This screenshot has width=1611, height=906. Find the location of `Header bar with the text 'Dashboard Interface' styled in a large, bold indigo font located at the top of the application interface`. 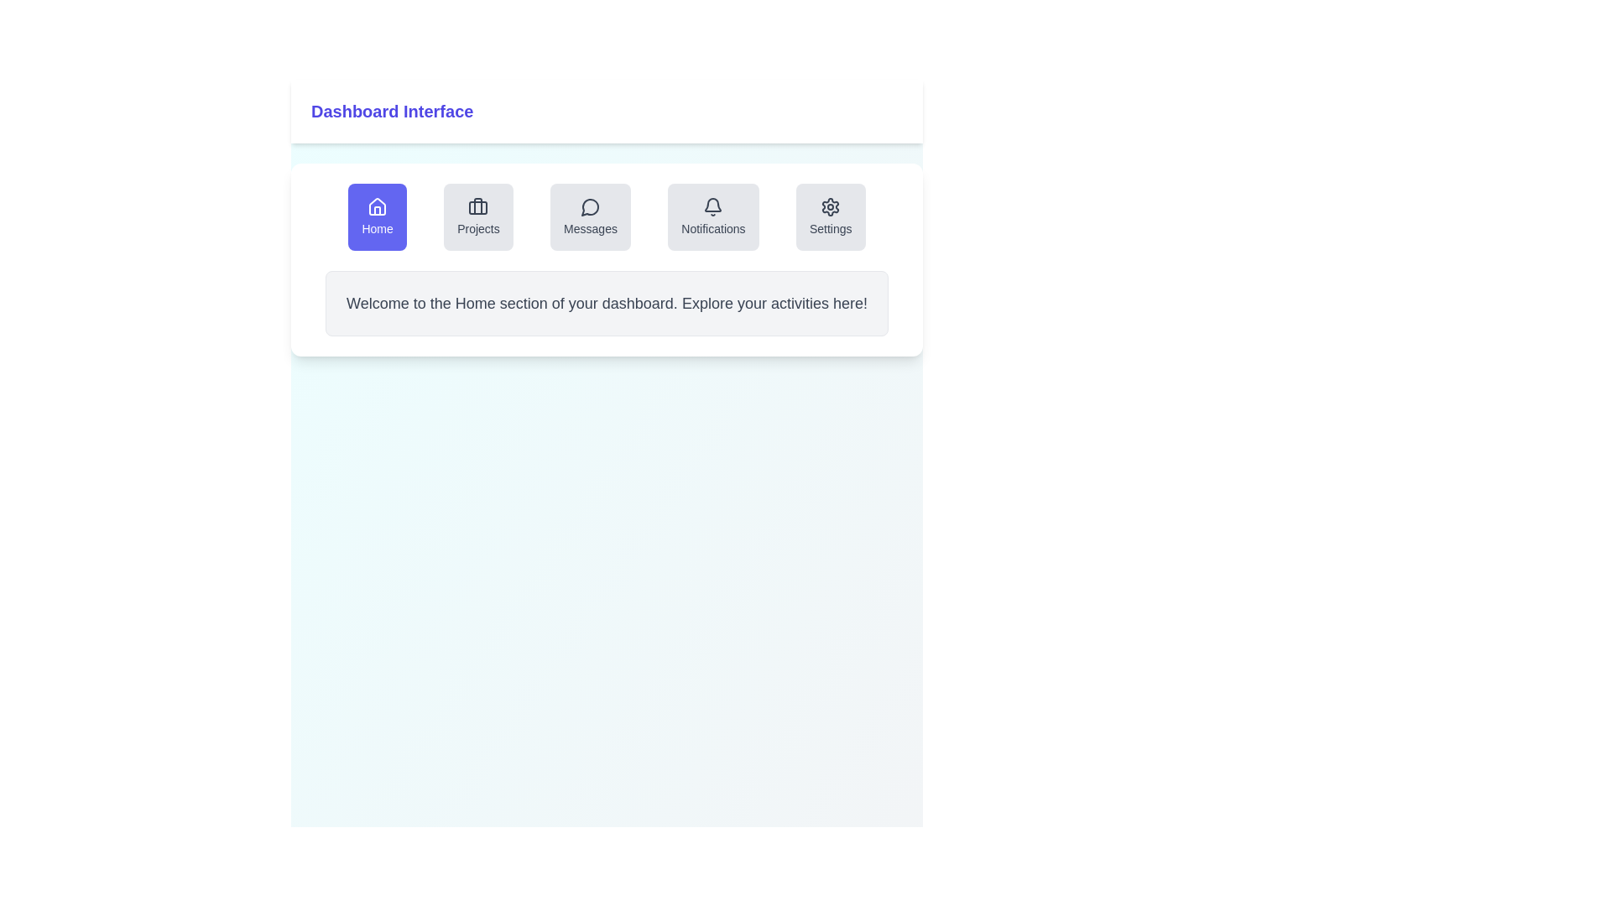

Header bar with the text 'Dashboard Interface' styled in a large, bold indigo font located at the top of the application interface is located at coordinates (606, 111).